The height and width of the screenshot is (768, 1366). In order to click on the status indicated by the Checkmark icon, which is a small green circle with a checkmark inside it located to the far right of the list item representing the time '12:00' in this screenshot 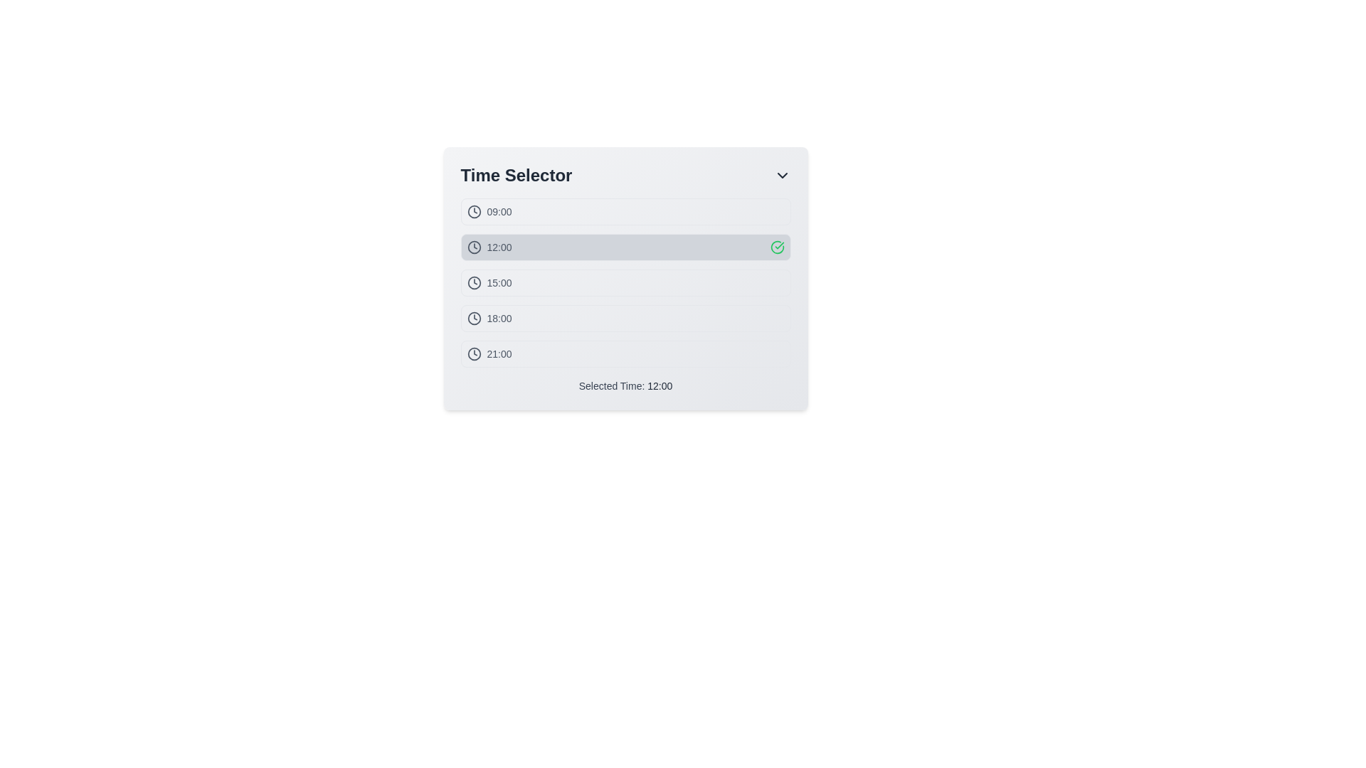, I will do `click(776, 246)`.